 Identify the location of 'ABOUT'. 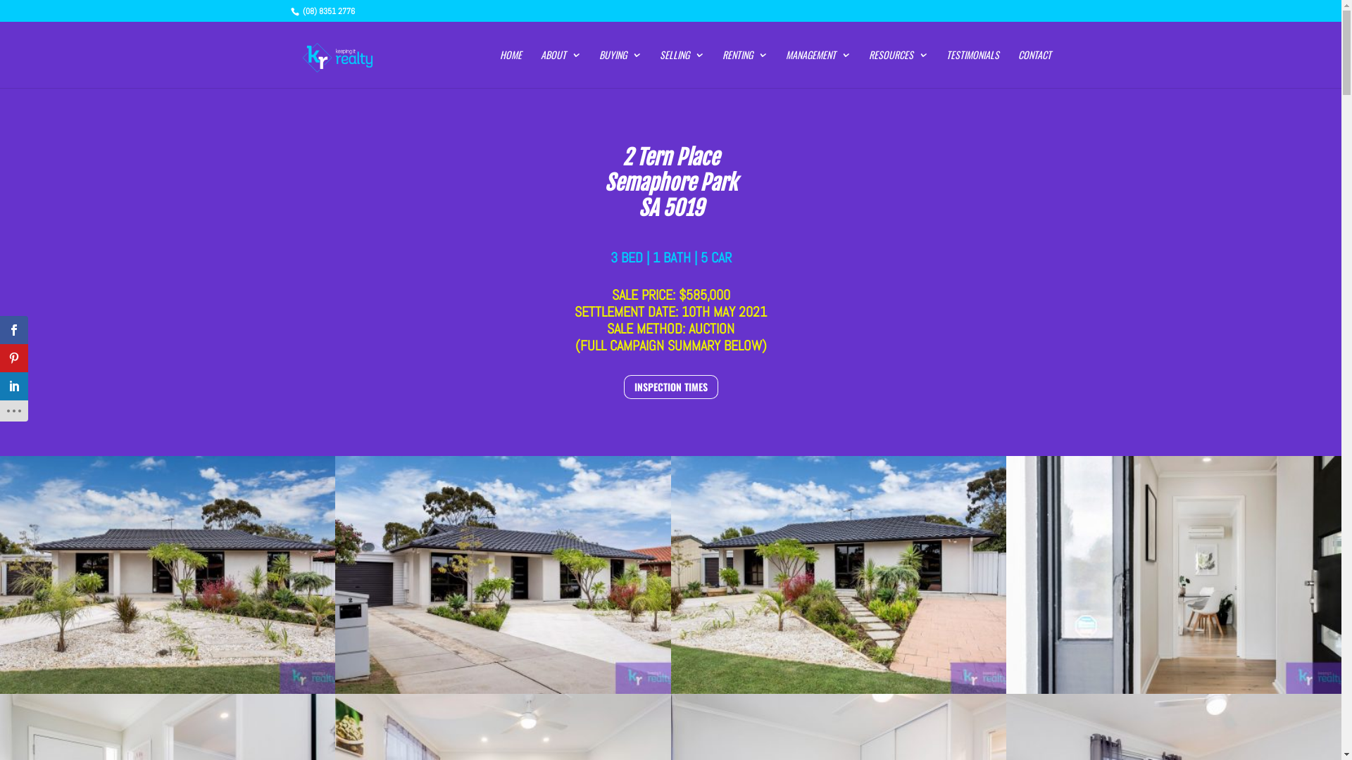
(560, 68).